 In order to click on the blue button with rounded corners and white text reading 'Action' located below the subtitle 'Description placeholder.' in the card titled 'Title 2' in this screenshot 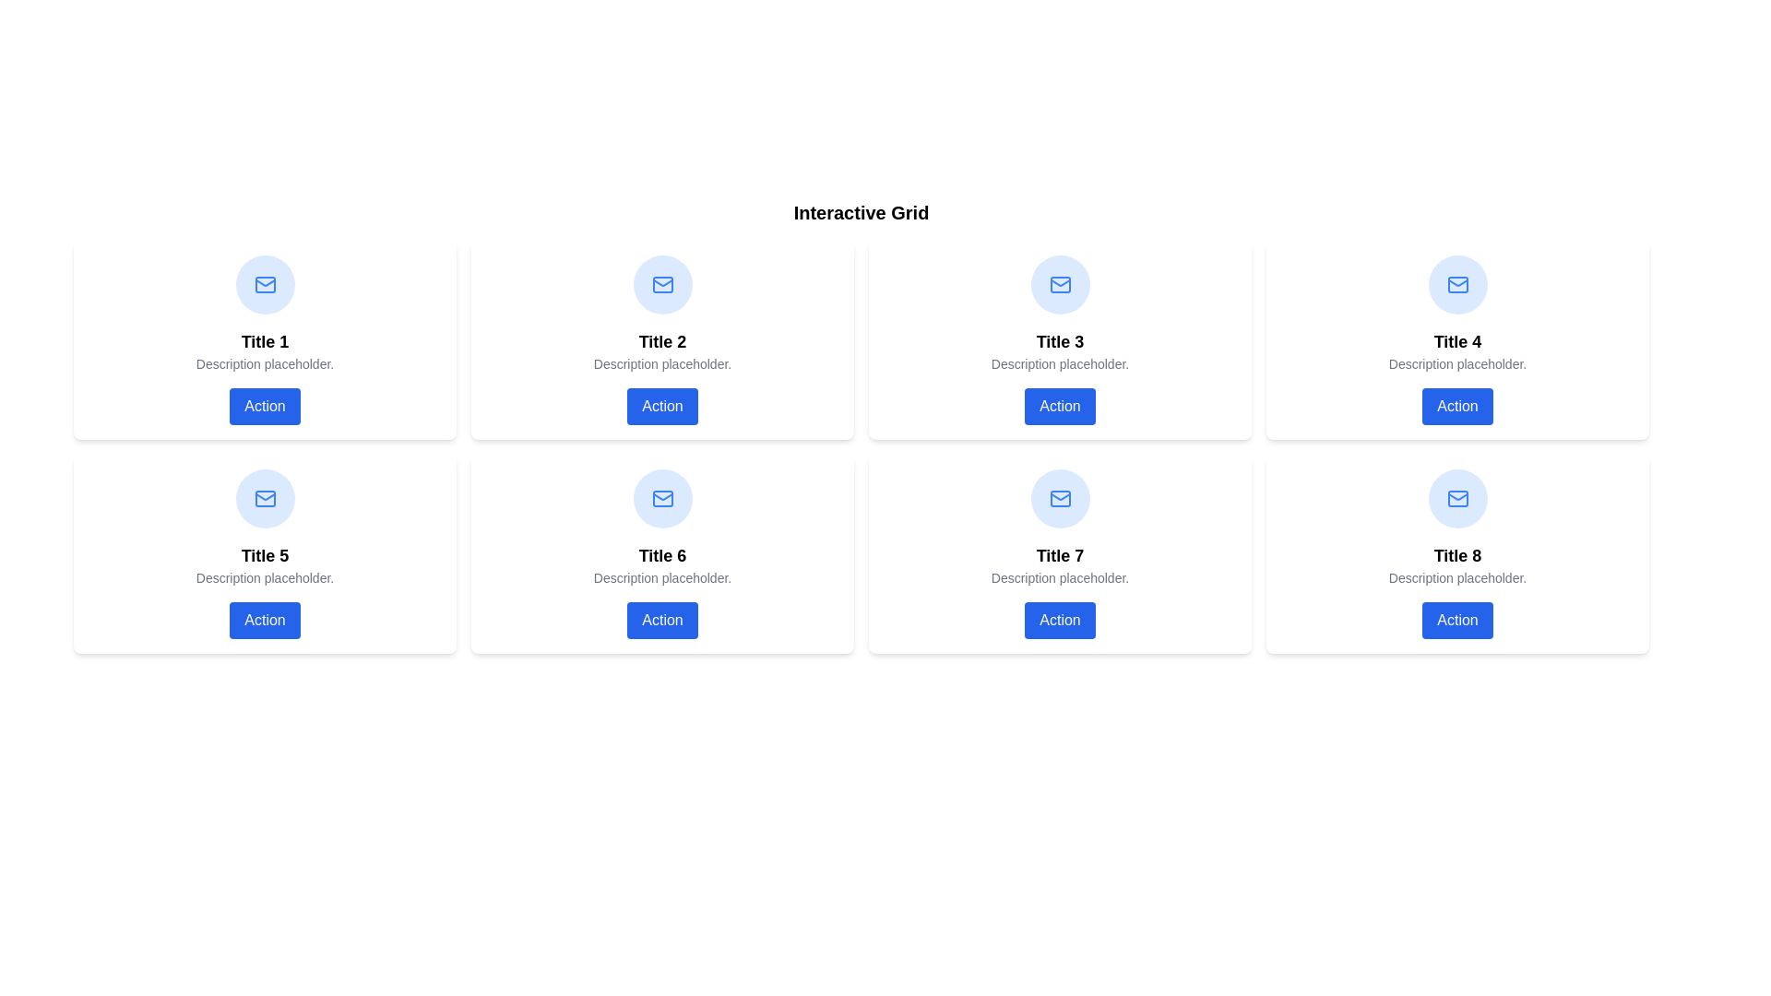, I will do `click(662, 405)`.